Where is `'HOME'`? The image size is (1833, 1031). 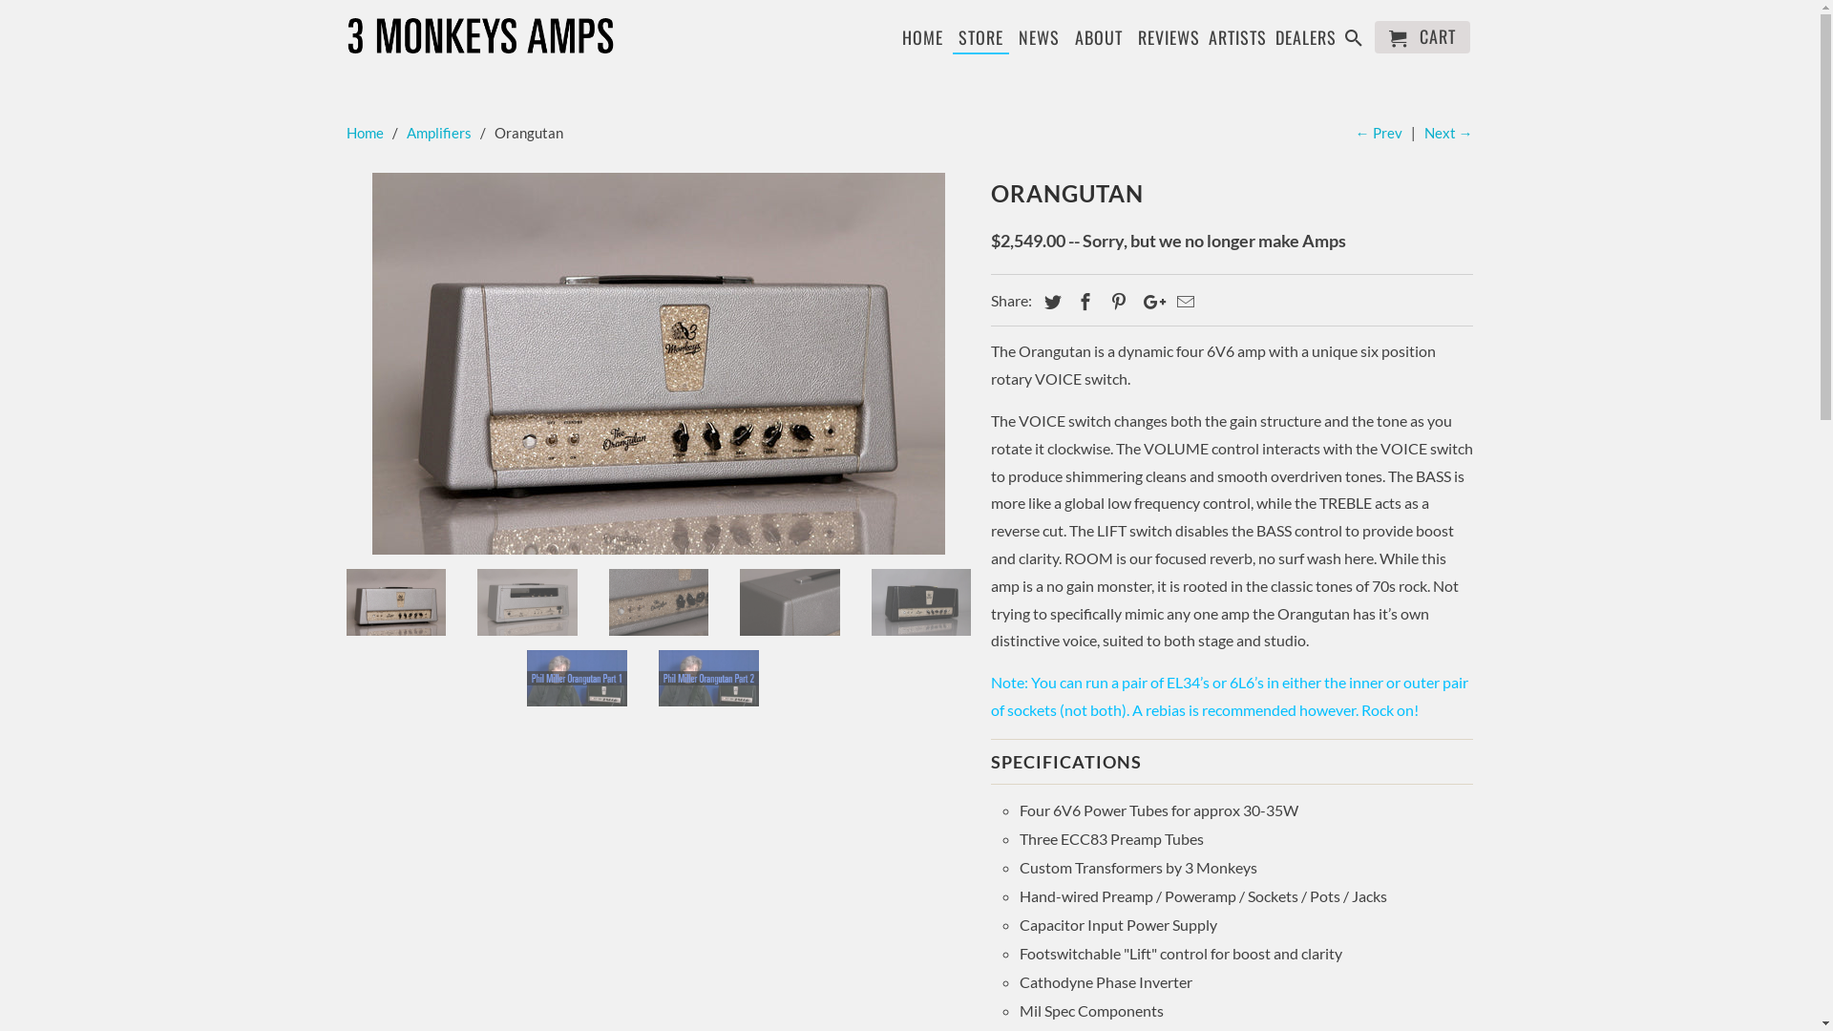
'HOME' is located at coordinates (922, 40).